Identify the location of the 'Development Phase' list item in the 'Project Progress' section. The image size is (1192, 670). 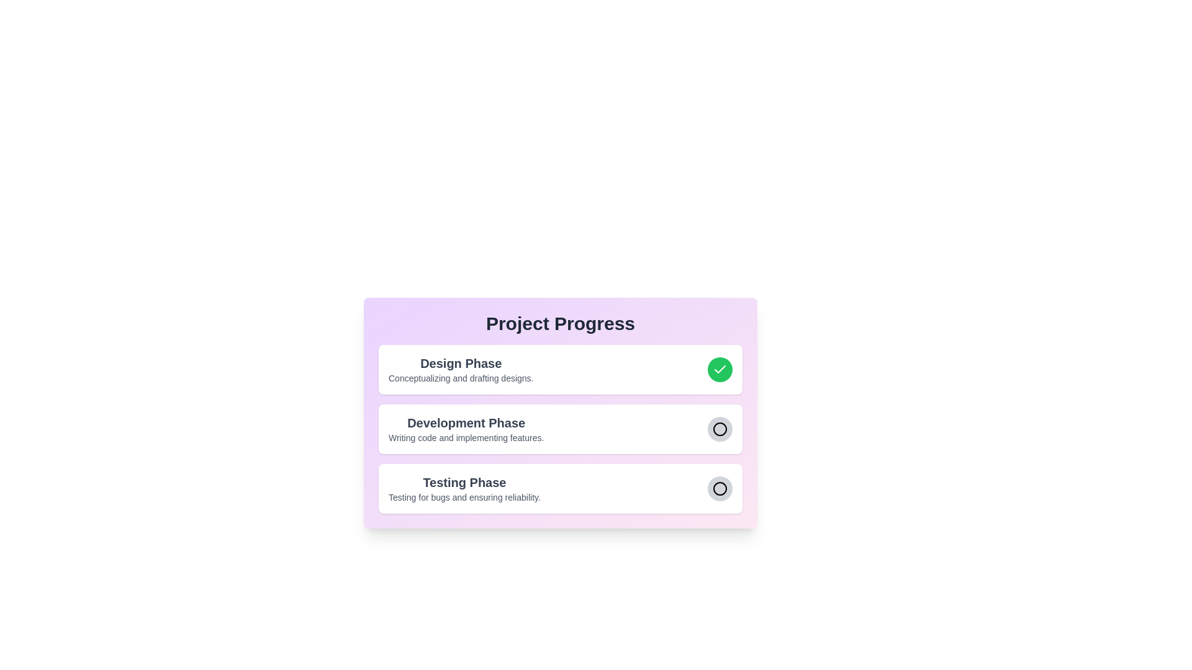
(559, 428).